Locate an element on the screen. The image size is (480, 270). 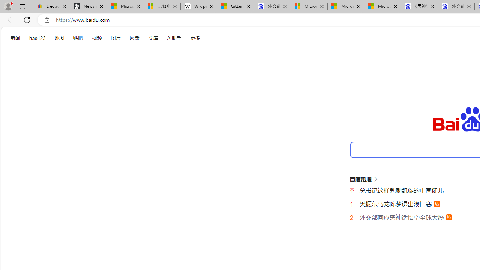
'Newsletter Sign Up' is located at coordinates (88, 6).